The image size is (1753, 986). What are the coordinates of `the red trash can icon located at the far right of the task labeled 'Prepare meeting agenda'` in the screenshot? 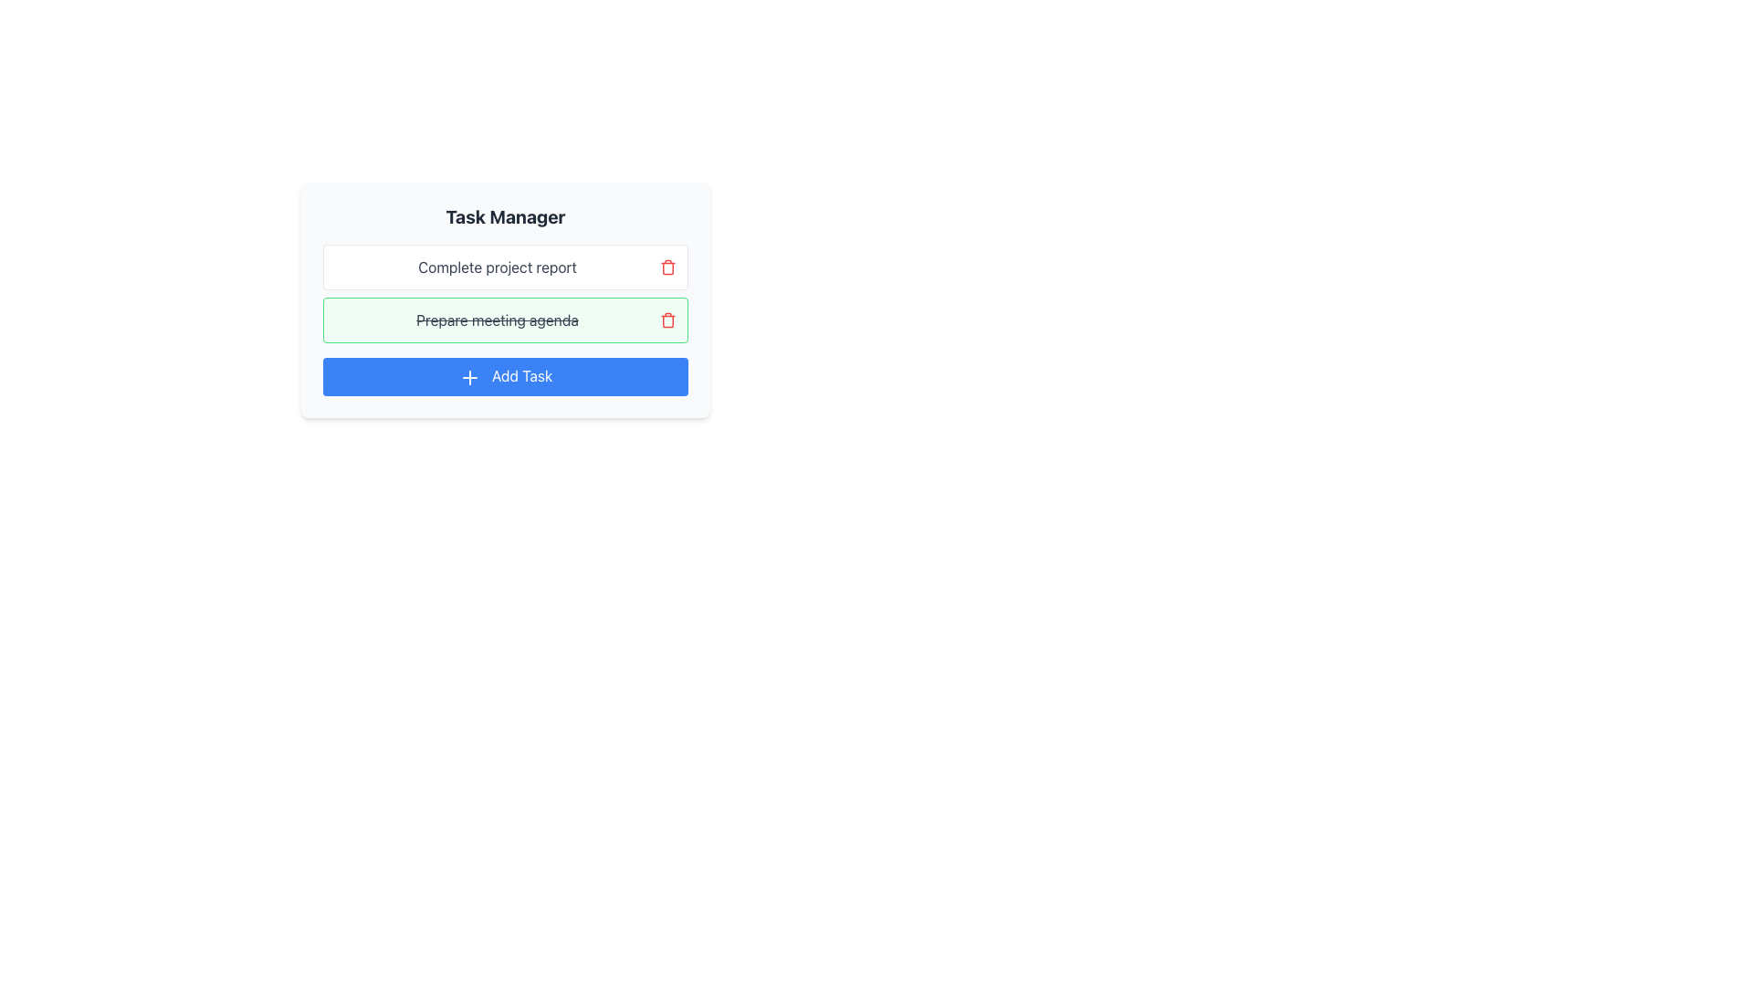 It's located at (667, 267).